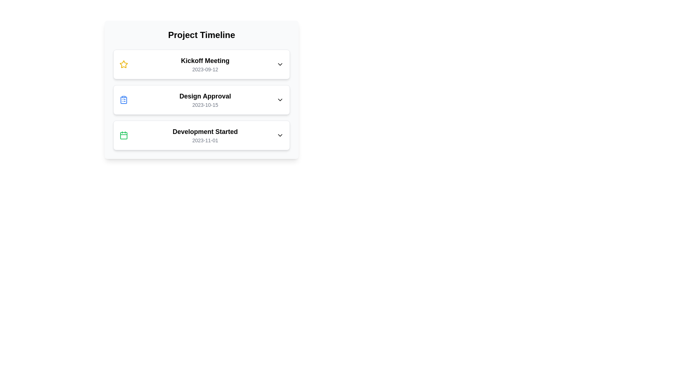  Describe the element at coordinates (205, 64) in the screenshot. I see `to select the 'Kickoff Meeting' timeline item, which is the first item in the vertical list under the header 'Project Timeline'` at that location.